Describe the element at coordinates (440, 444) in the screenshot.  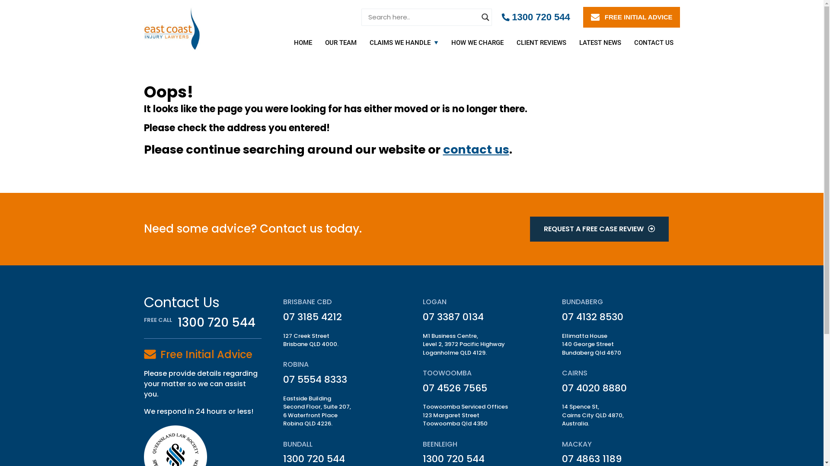
I see `'BEENLEIGH'` at that location.